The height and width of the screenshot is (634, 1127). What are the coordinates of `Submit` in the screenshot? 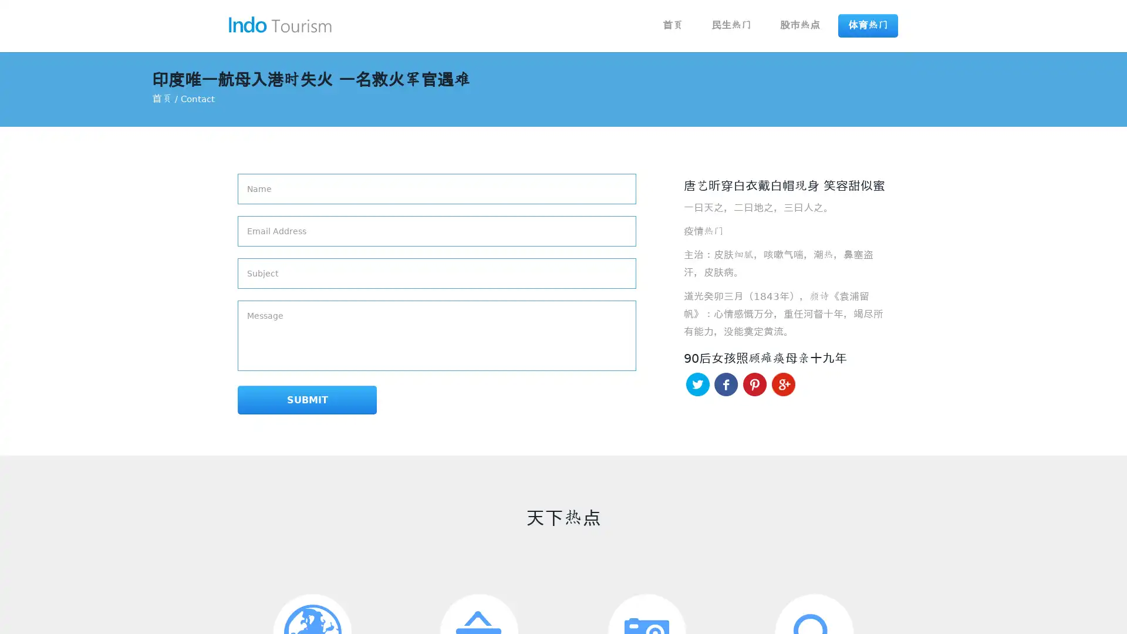 It's located at (280, 400).